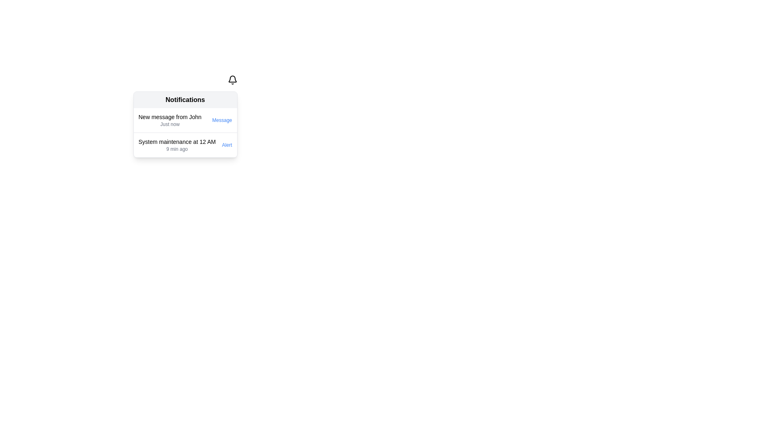 Image resolution: width=781 pixels, height=439 pixels. Describe the element at coordinates (177, 149) in the screenshot. I see `the text label reading '9 min ago' styled in gray font, located directly below the notification title 'System maintenance at 12 AM' within the dropdown notification list` at that location.